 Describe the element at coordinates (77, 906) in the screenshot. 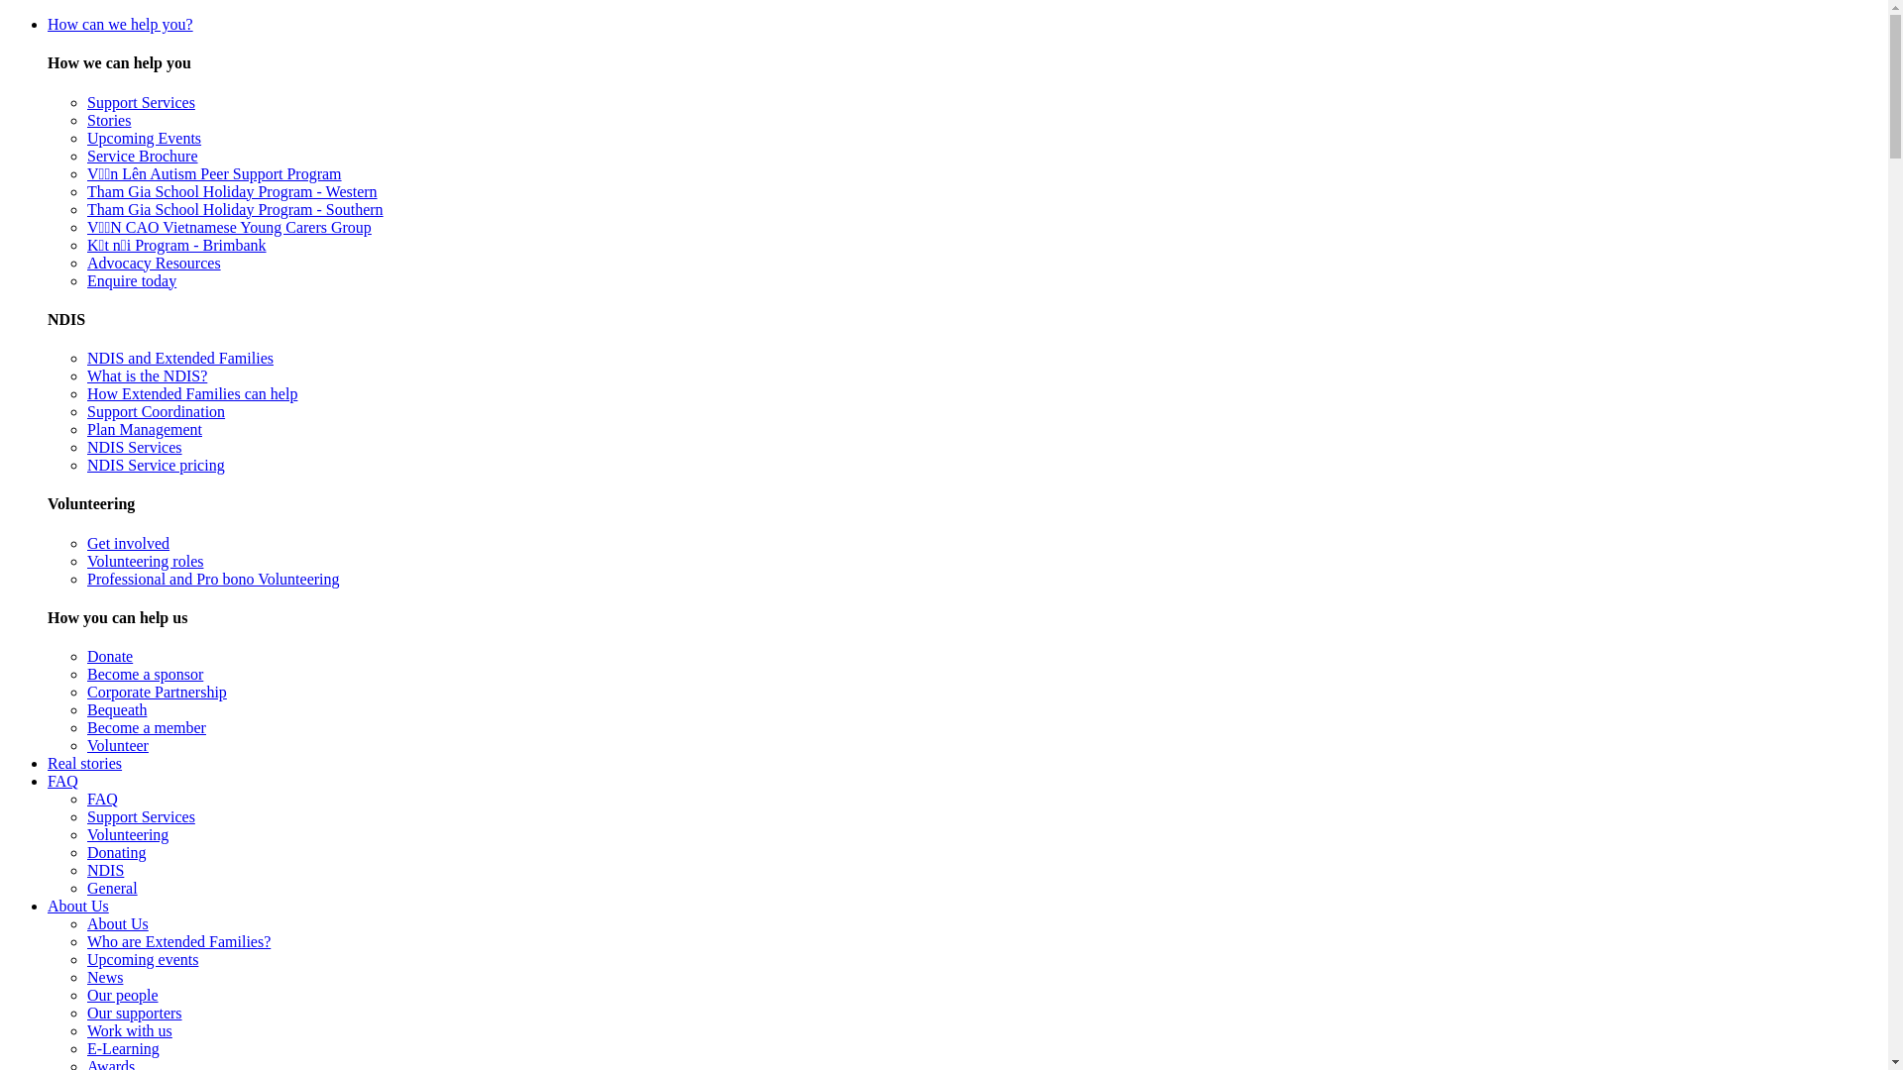

I see `'About Us'` at that location.